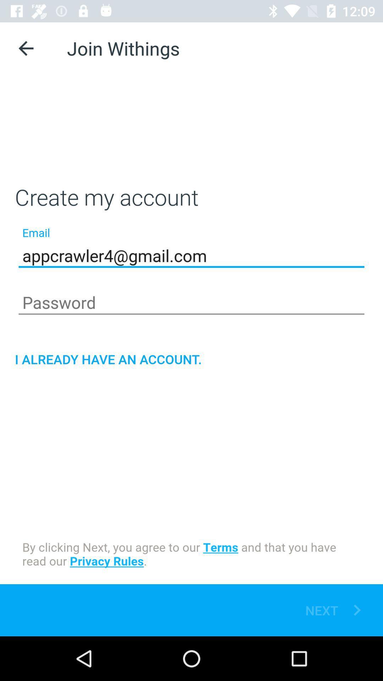  What do you see at coordinates (191, 555) in the screenshot?
I see `terms and privacy rules` at bounding box center [191, 555].